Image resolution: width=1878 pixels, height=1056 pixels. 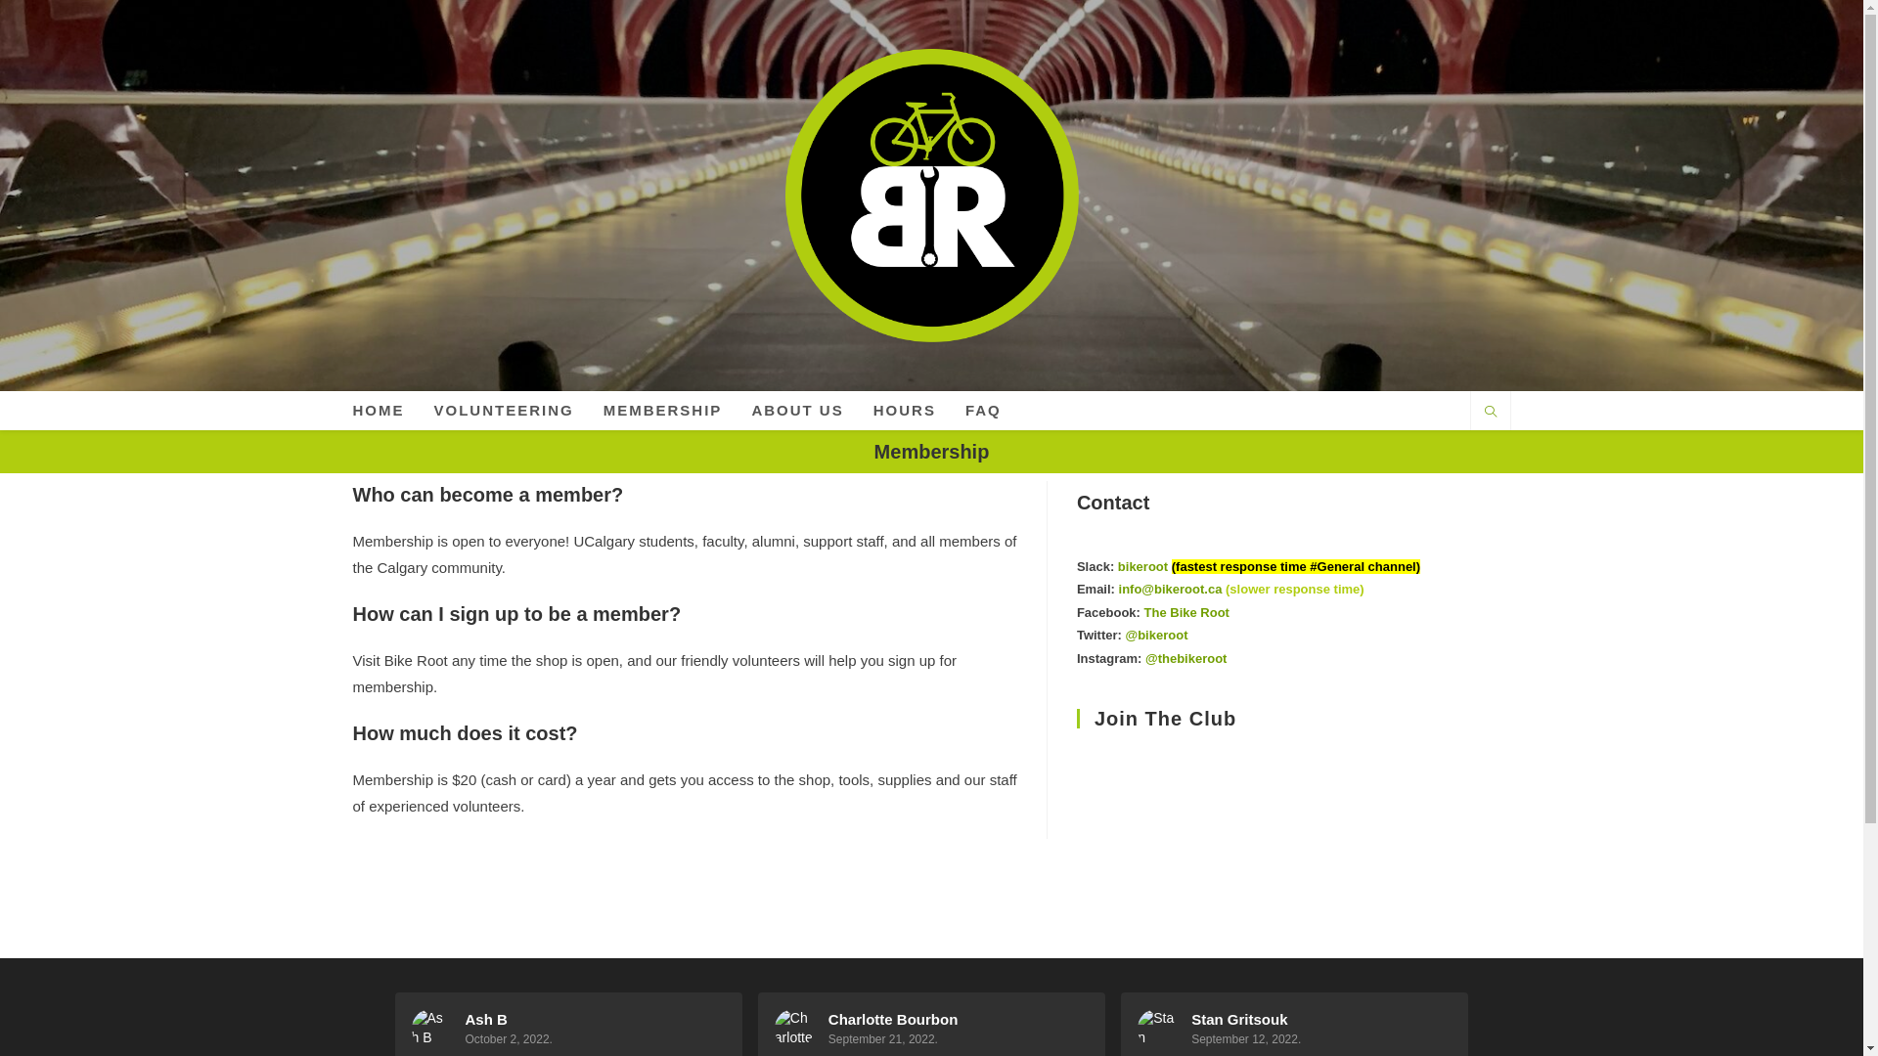 What do you see at coordinates (379, 410) in the screenshot?
I see `'HOME'` at bounding box center [379, 410].